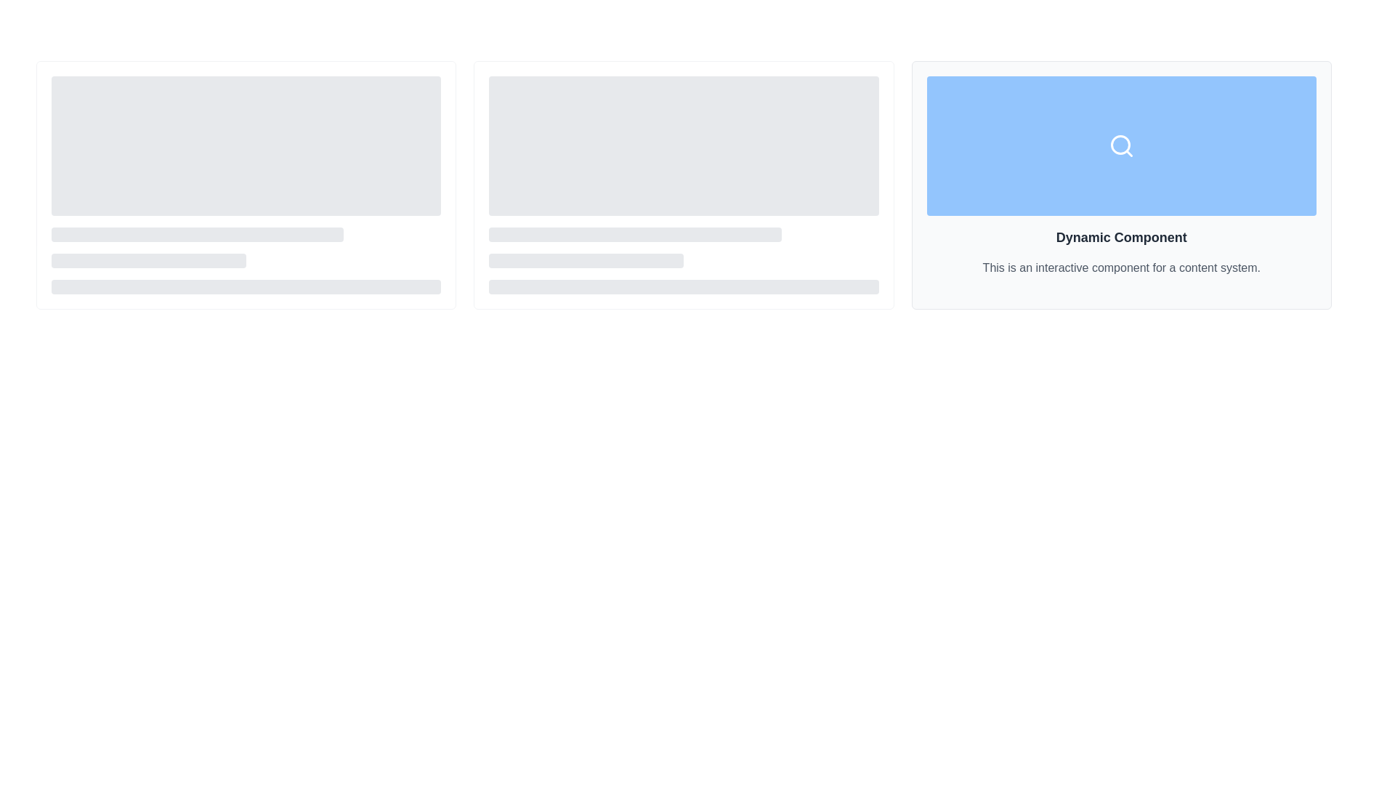  Describe the element at coordinates (1120, 237) in the screenshot. I see `the title text component located at the top of the third card in a grid layout, which is highlighted by a light blue background and features a magnifying glass icon above it` at that location.